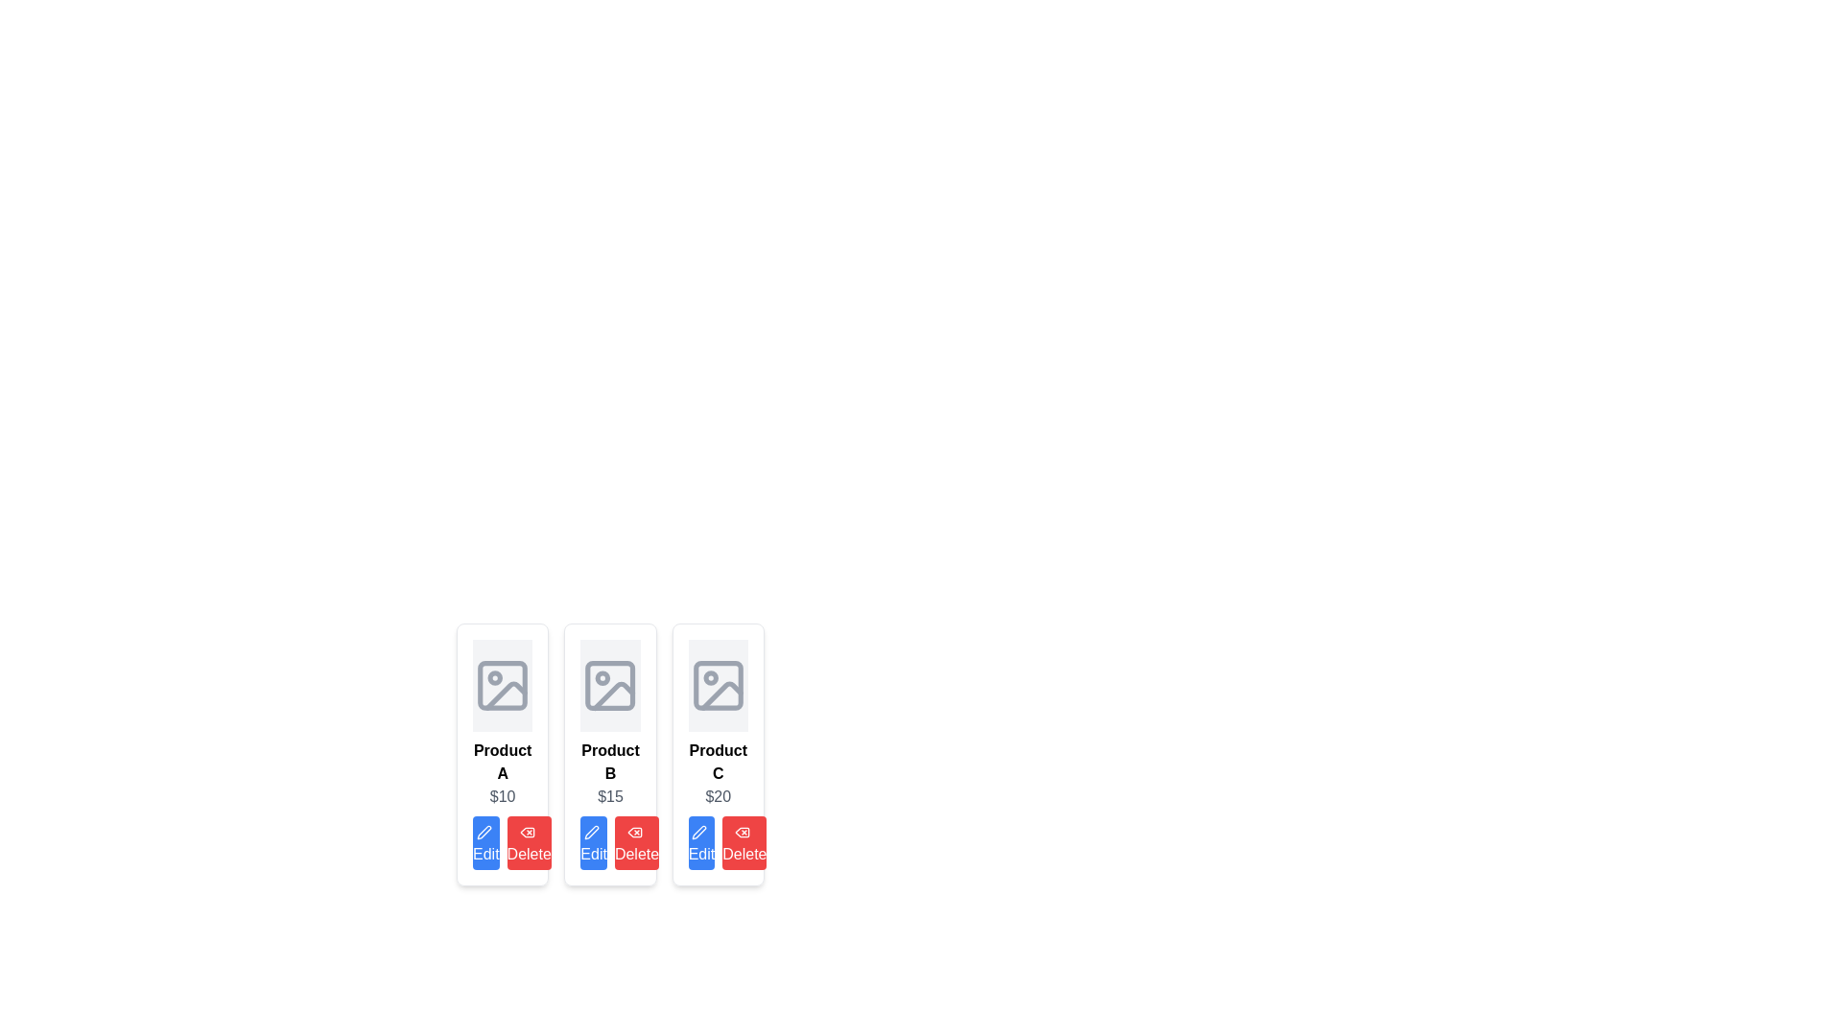 The width and height of the screenshot is (1842, 1036). I want to click on the delete icon for 'Product A', which is the second action button located at the bottom of the product card, so click(742, 831).